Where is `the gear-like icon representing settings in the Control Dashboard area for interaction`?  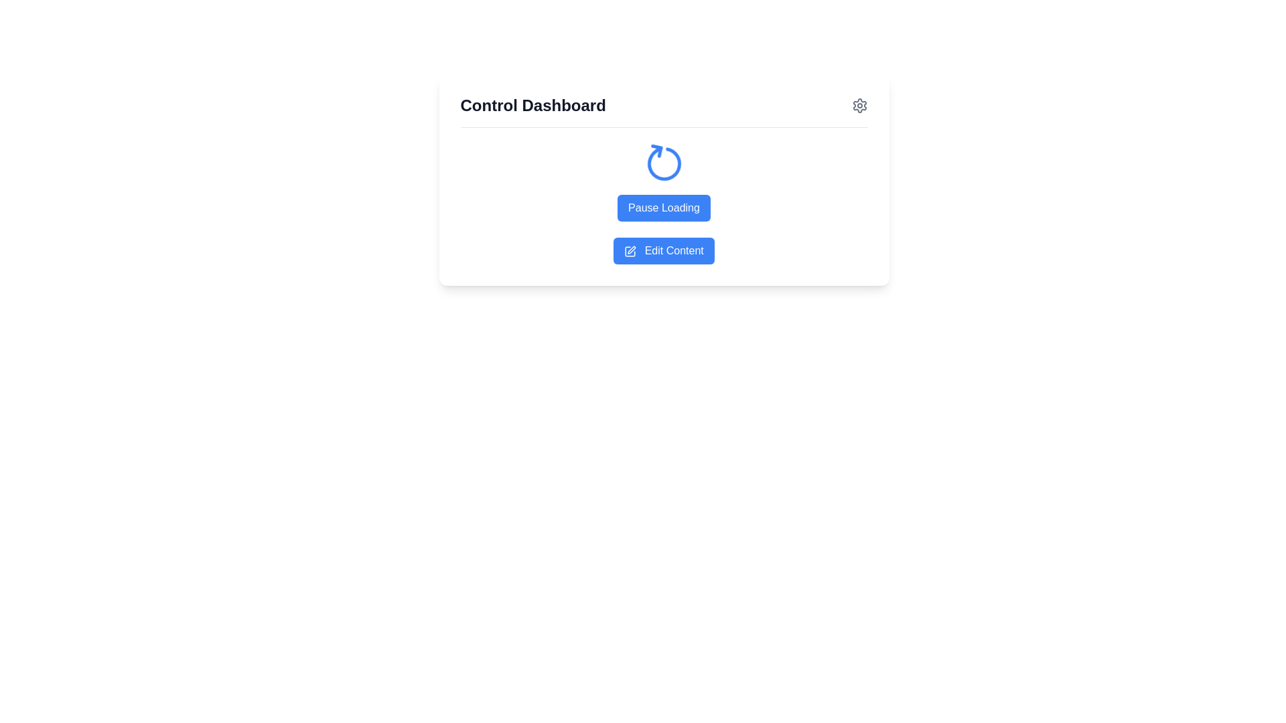
the gear-like icon representing settings in the Control Dashboard area for interaction is located at coordinates (859, 105).